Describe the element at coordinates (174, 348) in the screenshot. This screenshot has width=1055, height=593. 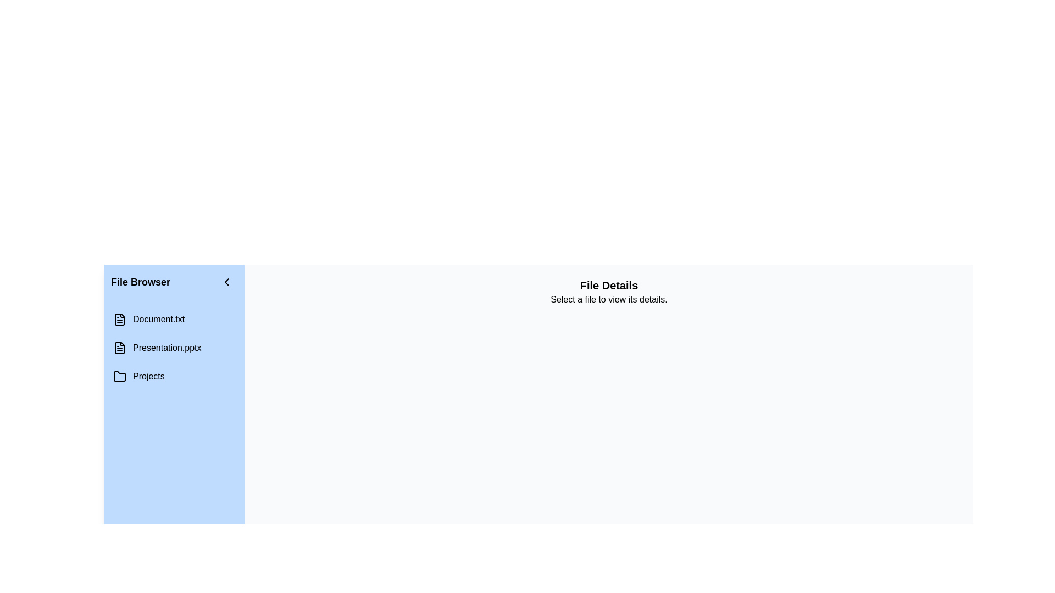
I see `the clickable list item representing the file 'Presentation.pptx' in the 'File Browser' sidebar` at that location.